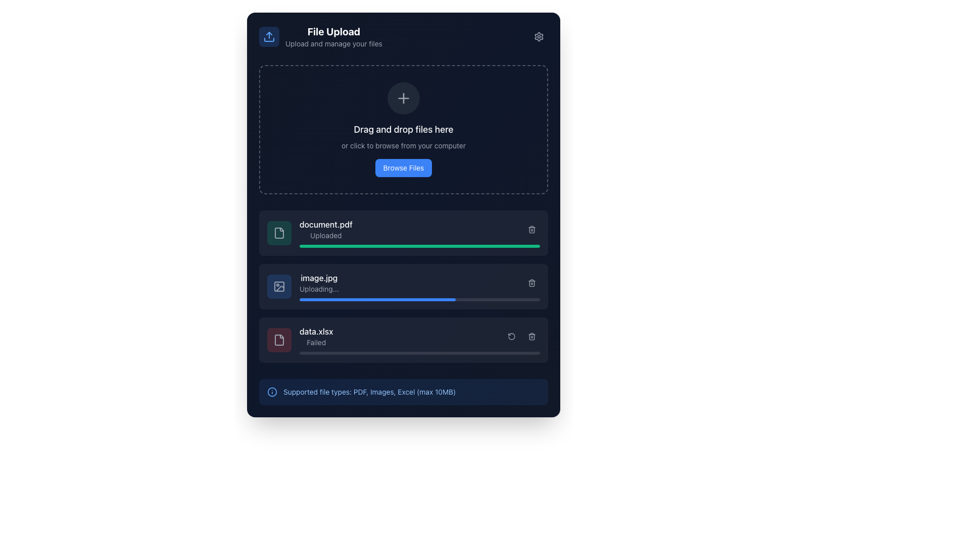  What do you see at coordinates (279, 286) in the screenshot?
I see `the decorative rectangle icon within the file upload interface, which is styled in a dark theme and is positioned on the right side of the 'image.jpg' file row` at bounding box center [279, 286].